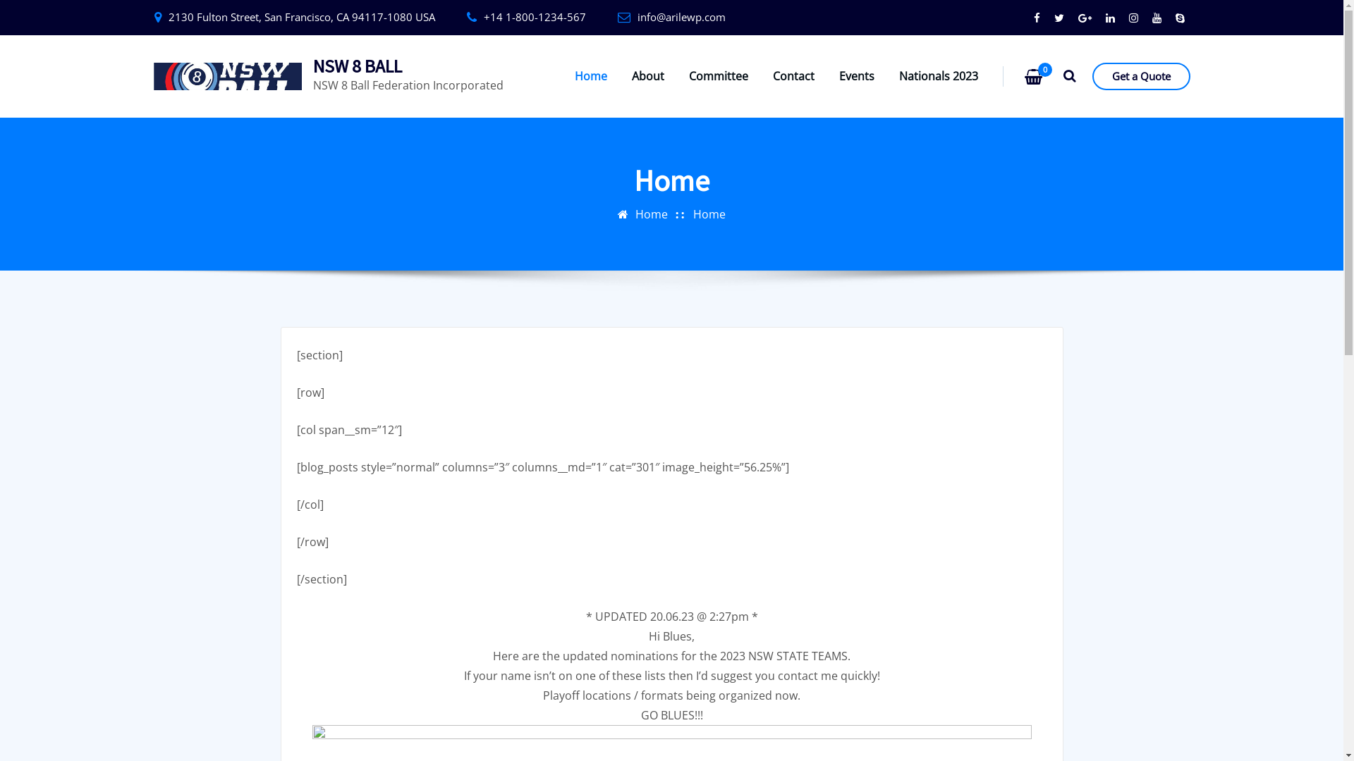 This screenshot has height=761, width=1354. What do you see at coordinates (312, 66) in the screenshot?
I see `'NSW 8 BALL'` at bounding box center [312, 66].